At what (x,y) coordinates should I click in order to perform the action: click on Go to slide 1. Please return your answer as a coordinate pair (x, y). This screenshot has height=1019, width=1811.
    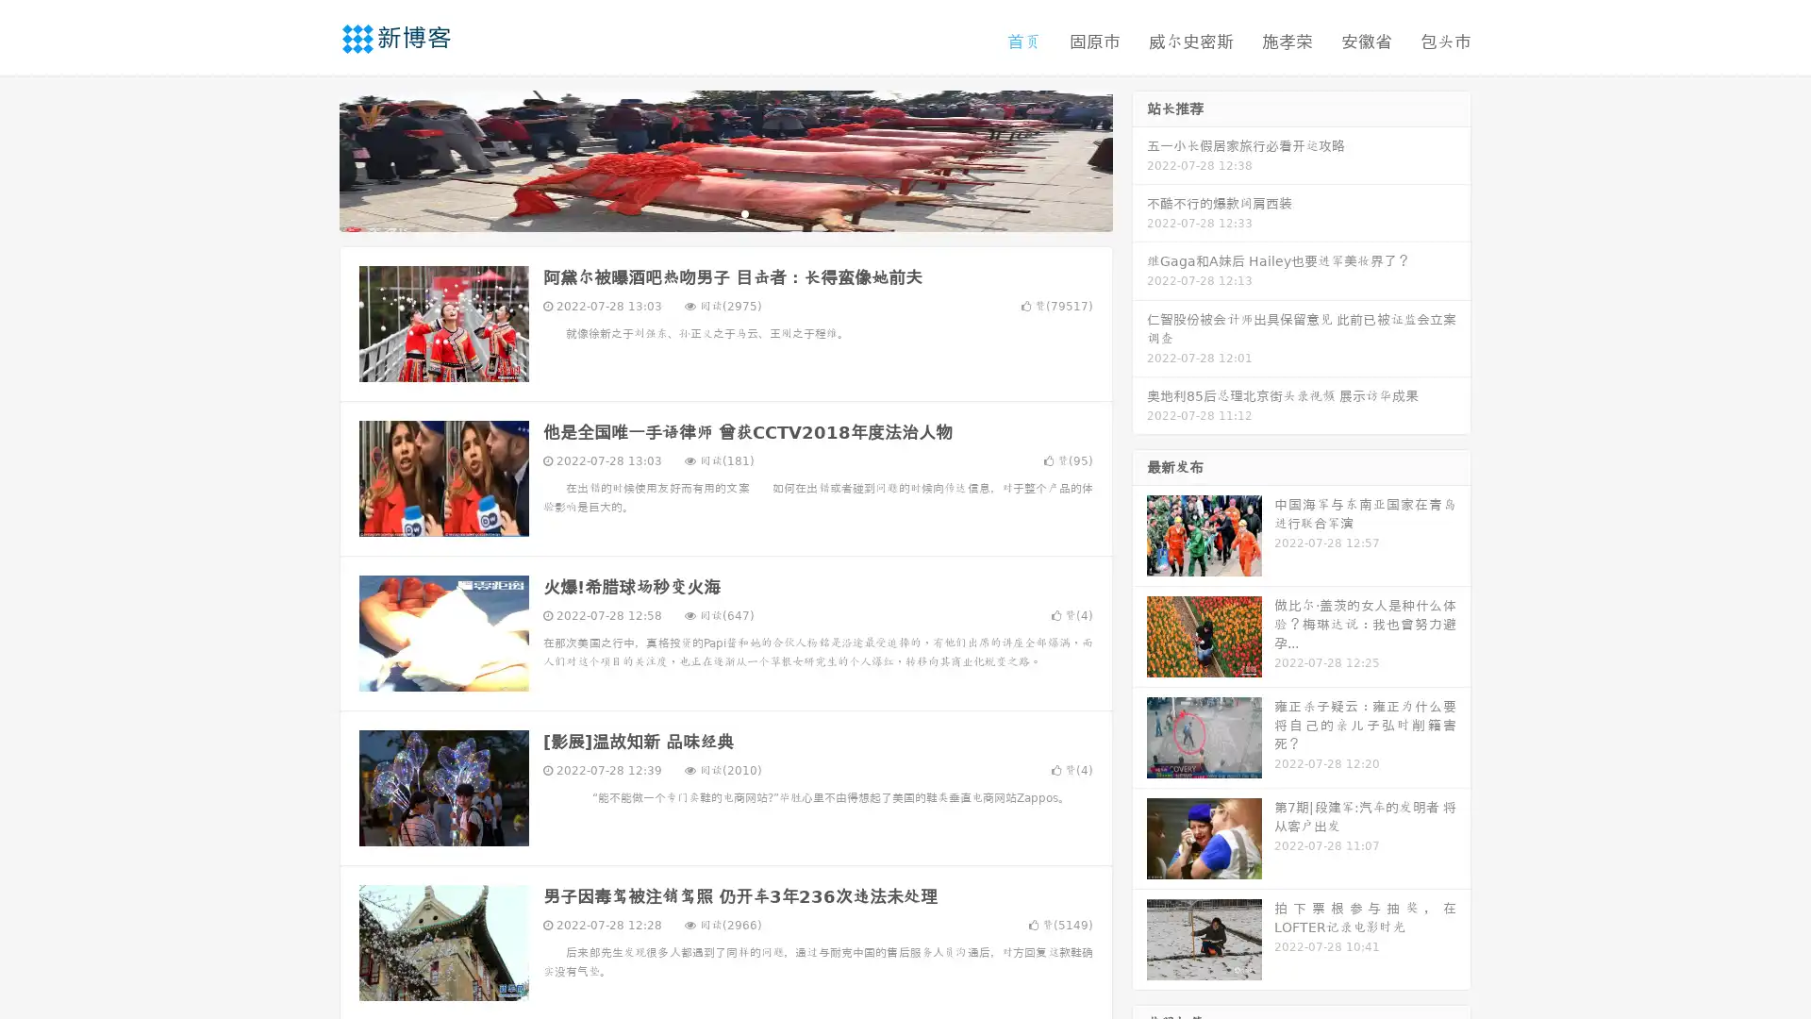
    Looking at the image, I should click on (706, 212).